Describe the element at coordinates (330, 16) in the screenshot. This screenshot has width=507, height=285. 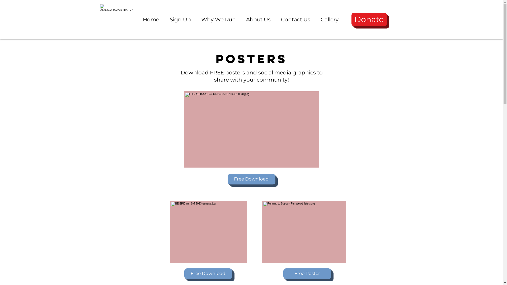
I see `'Gallery'` at that location.